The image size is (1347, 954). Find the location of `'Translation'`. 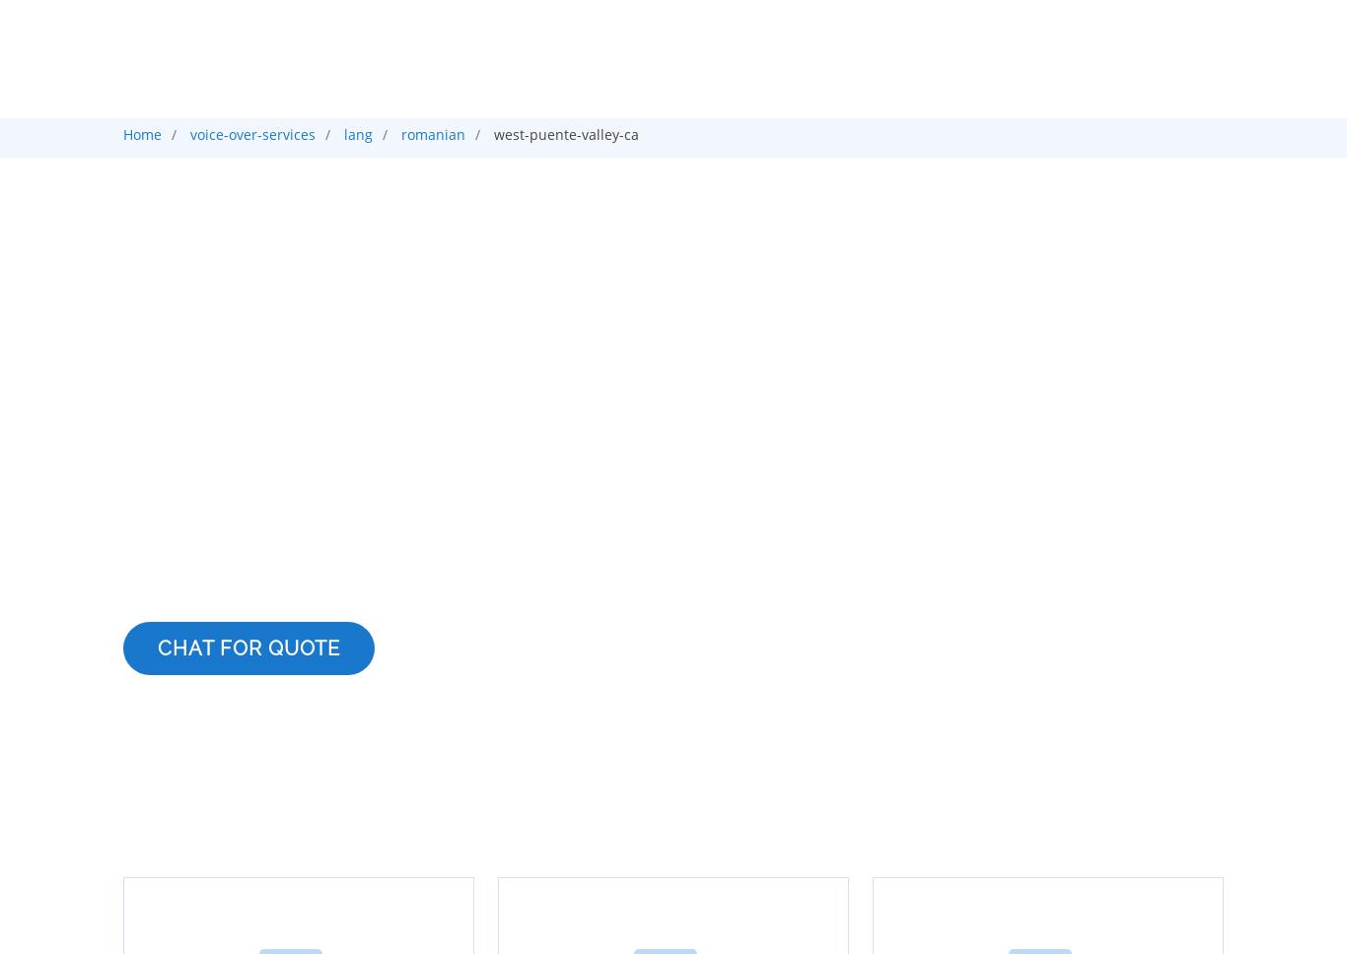

'Translation' is located at coordinates (834, 164).